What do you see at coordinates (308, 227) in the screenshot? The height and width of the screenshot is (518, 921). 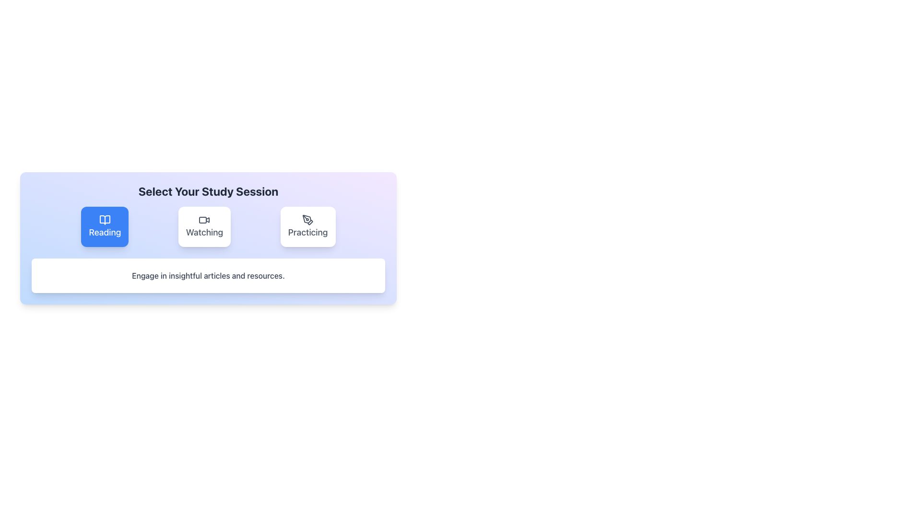 I see `the 'Practicing' button, which is a rectangular button with a white background and a pen tool icon above the label 'Practicing'` at bounding box center [308, 227].